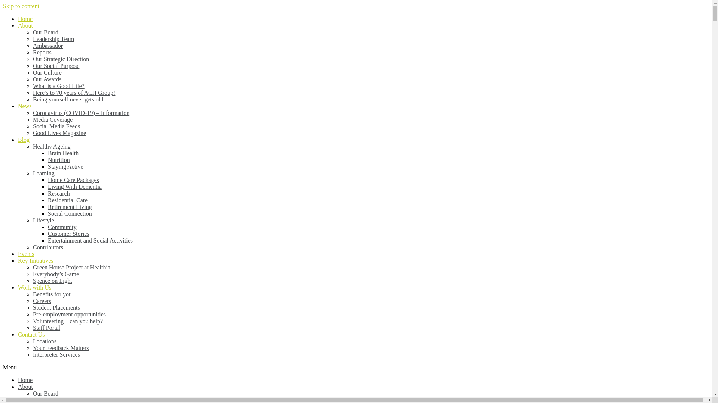 The image size is (718, 403). What do you see at coordinates (26, 253) in the screenshot?
I see `'Events'` at bounding box center [26, 253].